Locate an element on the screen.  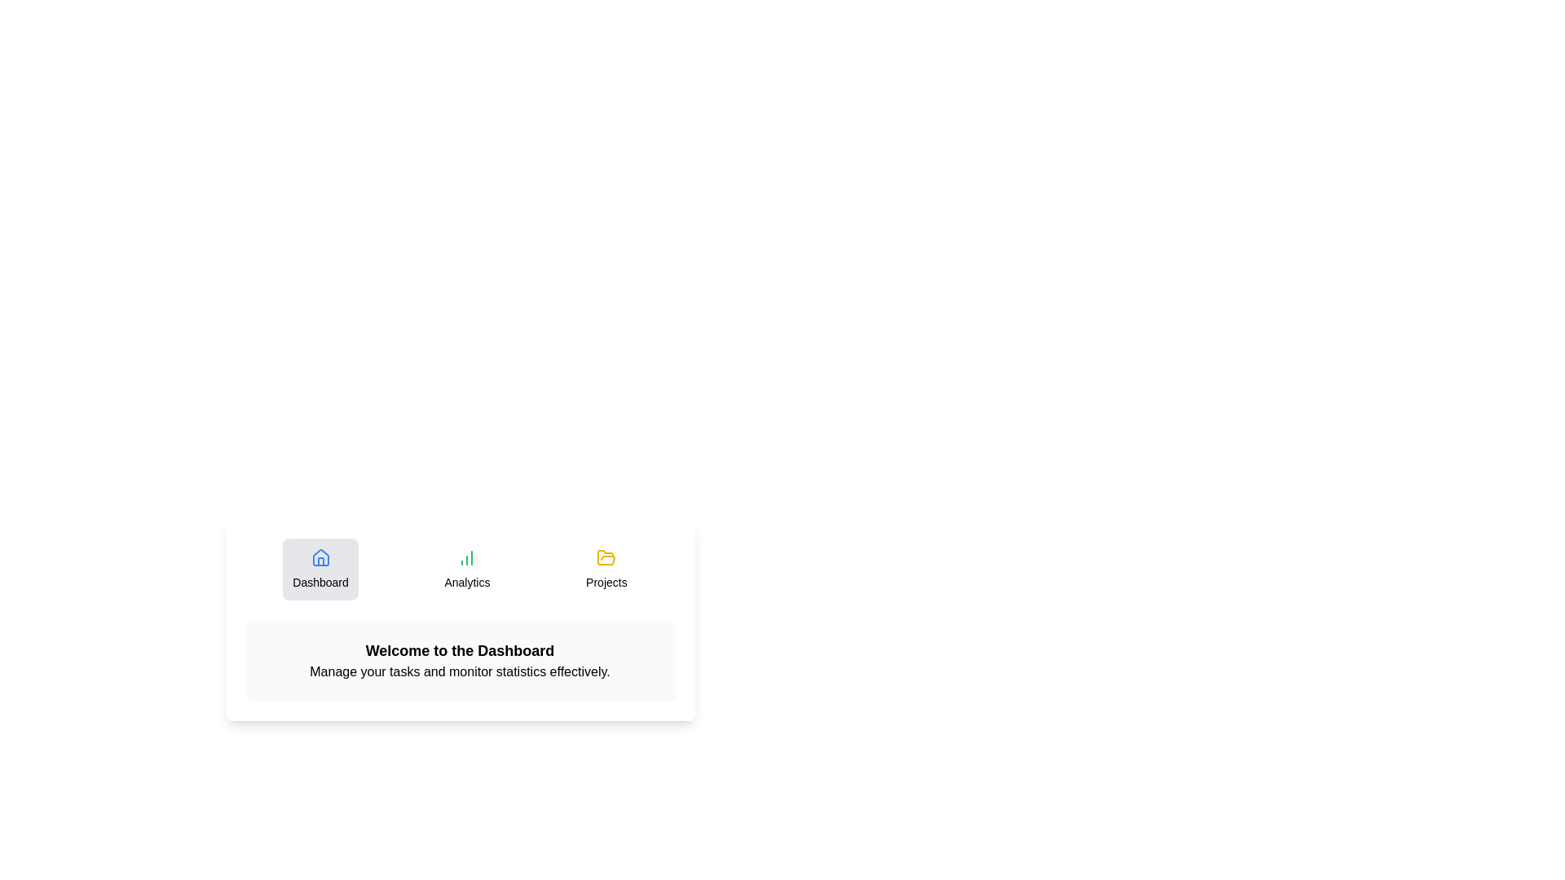
the Dashboard tab to observe hover effects is located at coordinates (320, 568).